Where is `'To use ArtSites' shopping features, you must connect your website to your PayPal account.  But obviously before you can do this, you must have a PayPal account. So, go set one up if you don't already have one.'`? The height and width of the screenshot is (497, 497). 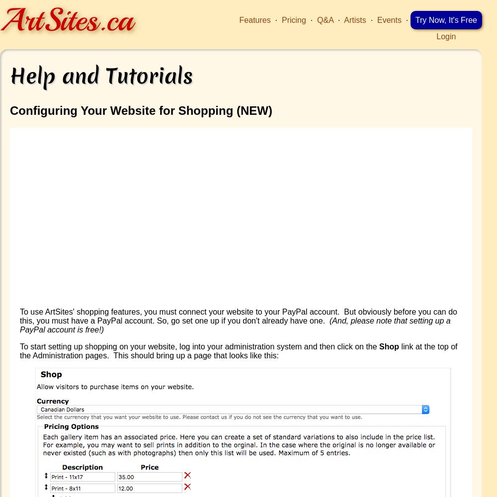
'To use ArtSites' shopping features, you must connect your website to your PayPal account.  But obviously before you can do this, you must have a PayPal account. So, go set one up if you don't already have one.' is located at coordinates (238, 316).